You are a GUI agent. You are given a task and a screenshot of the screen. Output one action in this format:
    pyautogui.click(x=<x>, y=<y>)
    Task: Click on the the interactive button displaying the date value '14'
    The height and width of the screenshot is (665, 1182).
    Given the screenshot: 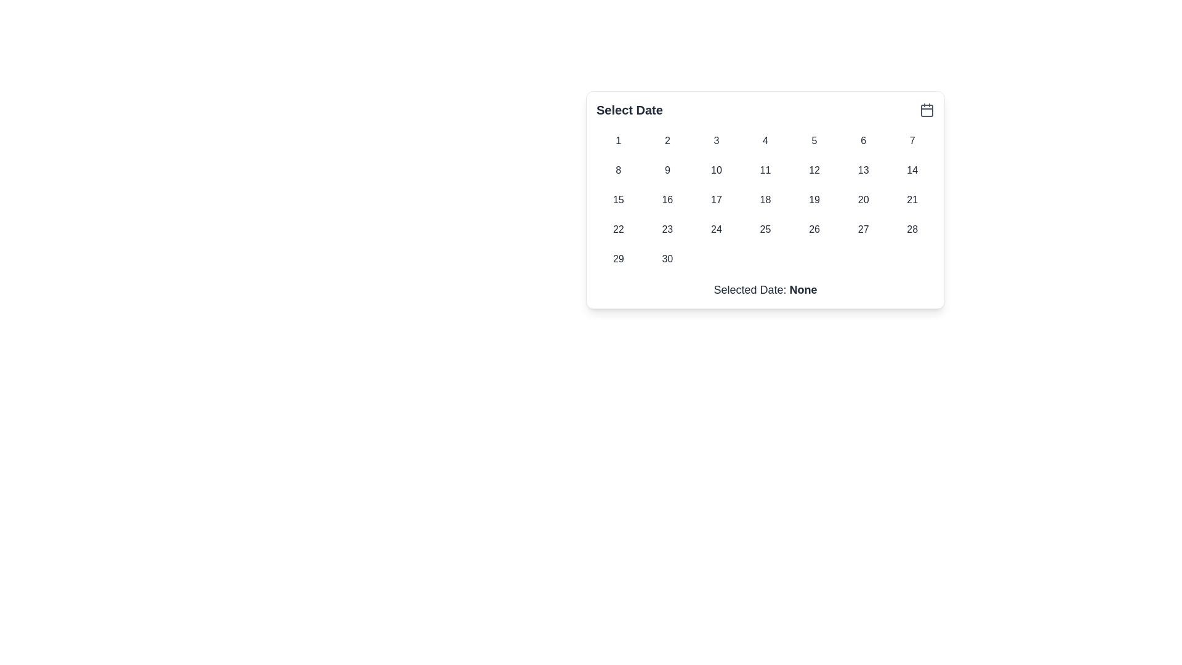 What is the action you would take?
    pyautogui.click(x=912, y=171)
    